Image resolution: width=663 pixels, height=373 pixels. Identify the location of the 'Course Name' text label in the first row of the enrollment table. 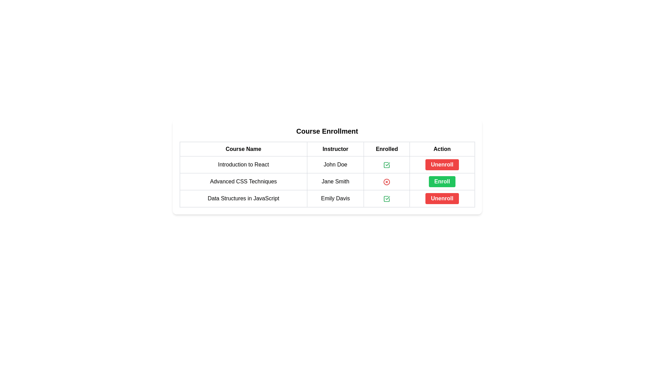
(243, 165).